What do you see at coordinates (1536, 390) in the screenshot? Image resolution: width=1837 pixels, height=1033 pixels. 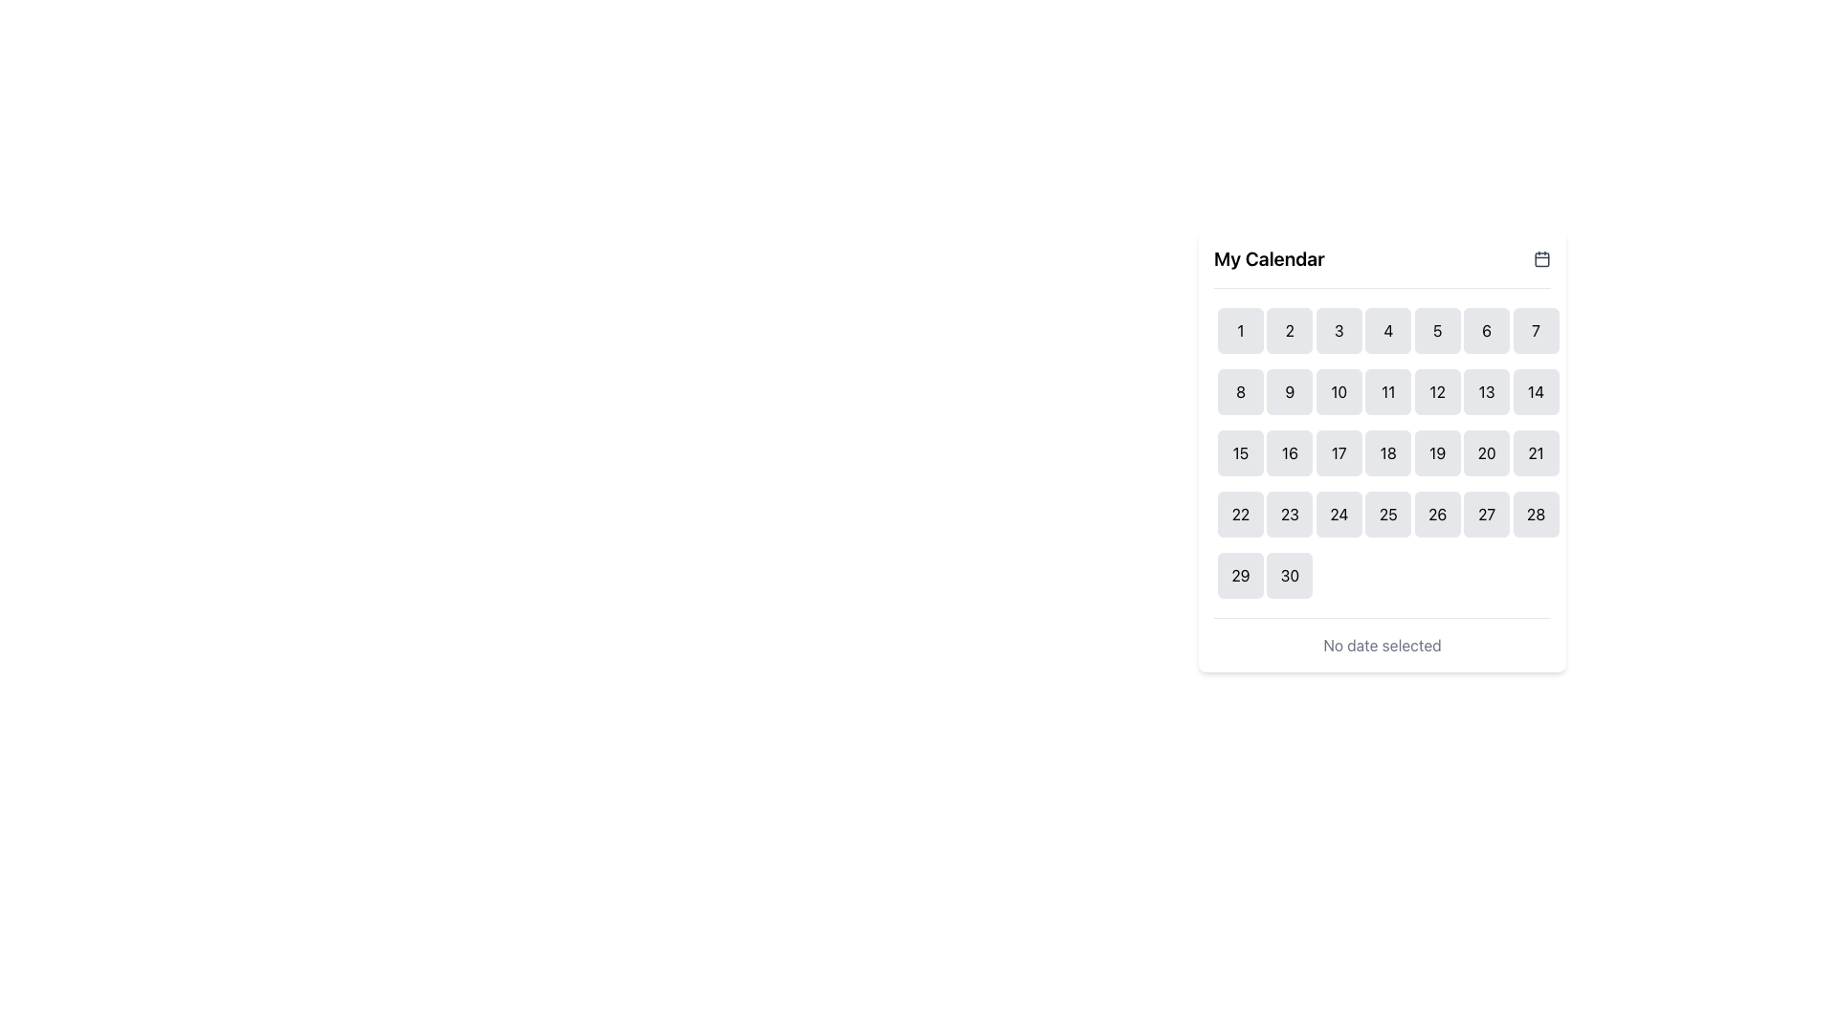 I see `the button representing the 14th day in the calendar interface` at bounding box center [1536, 390].